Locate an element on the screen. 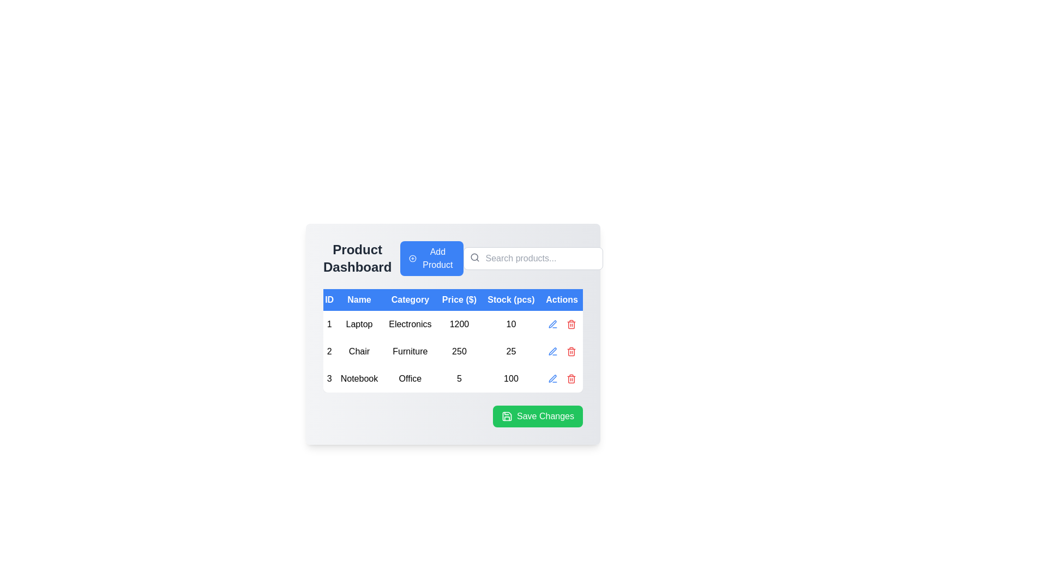  the text element indicating the stock quantity of the item 'Notebook', which shows 100 units available, located in the fifth column of the third row in the inventory table is located at coordinates (510, 378).